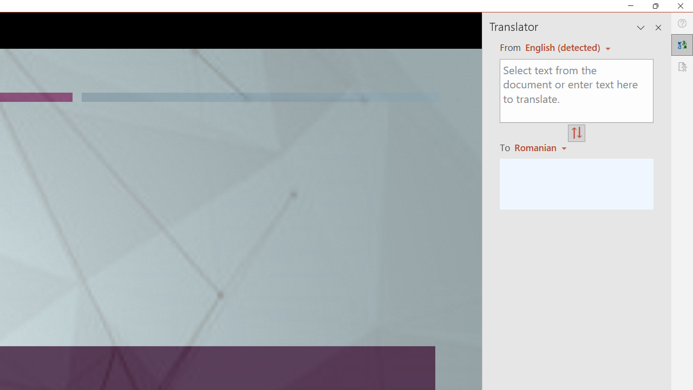  I want to click on 'Czech (detected)', so click(563, 47).